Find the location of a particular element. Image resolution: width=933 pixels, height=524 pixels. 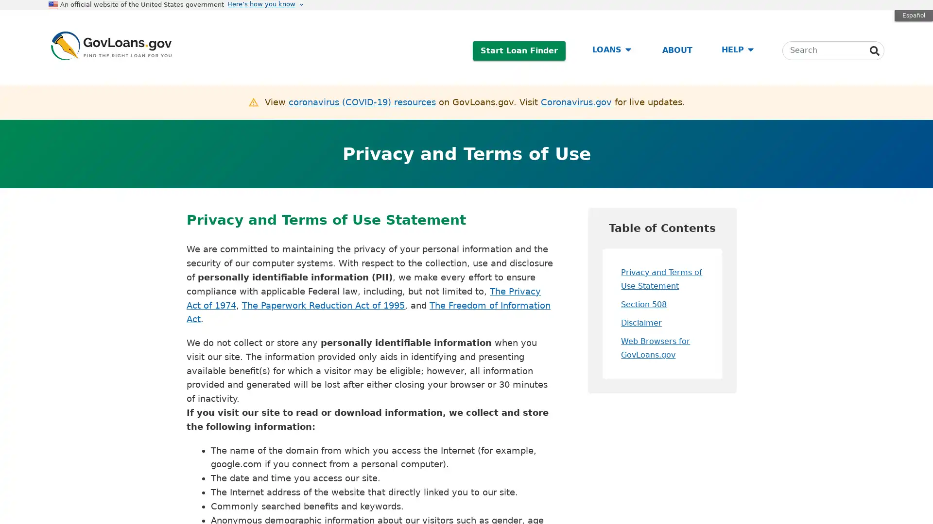

Web Browsers for GovLoans.gov is located at coordinates (661, 347).